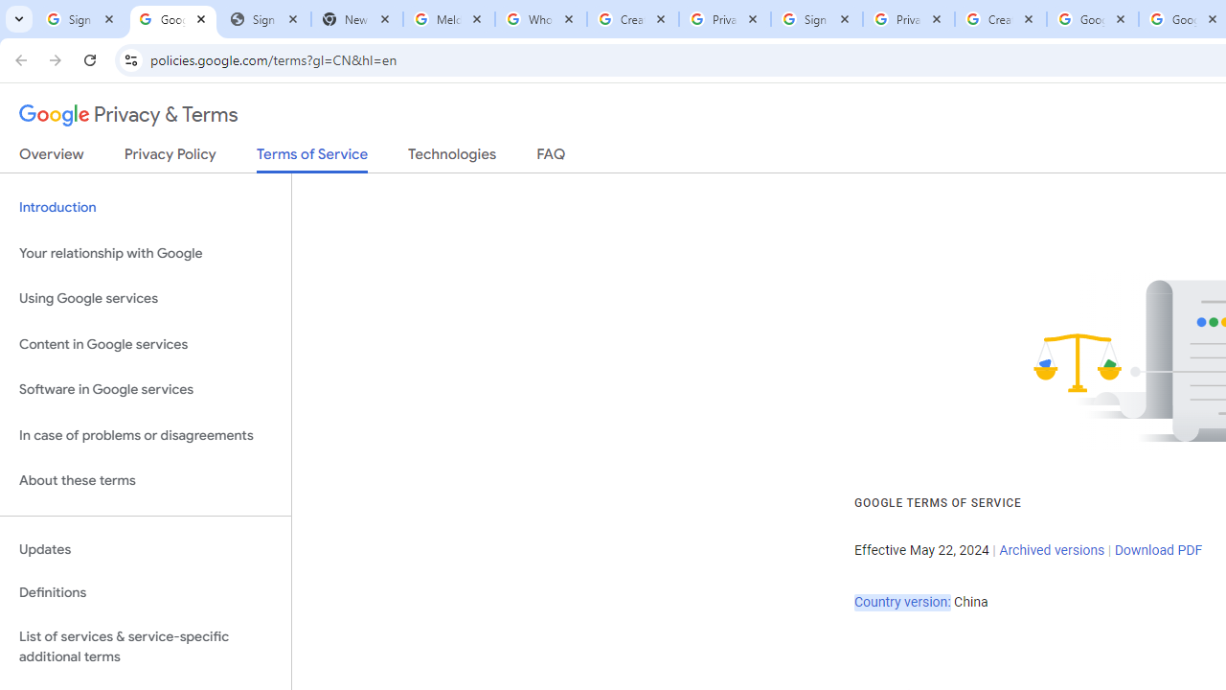 The width and height of the screenshot is (1226, 690). What do you see at coordinates (170, 157) in the screenshot?
I see `'Privacy Policy'` at bounding box center [170, 157].